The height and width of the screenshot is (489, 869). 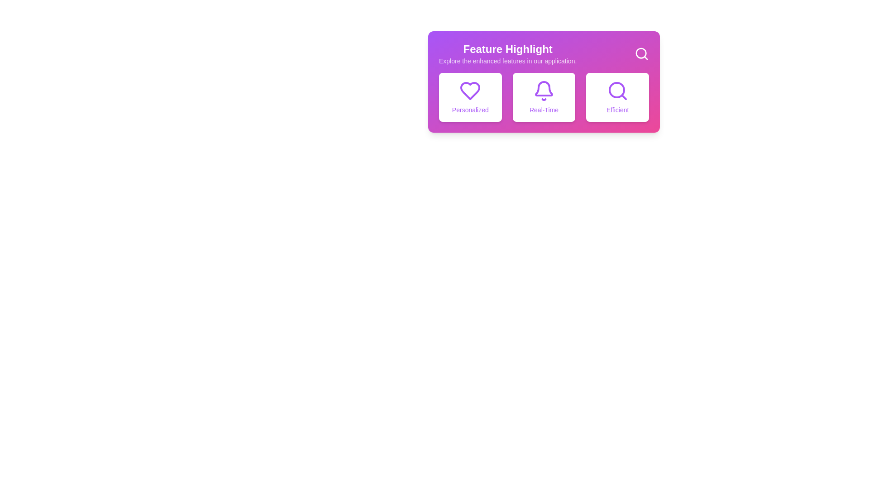 I want to click on the text element stating 'Explore the enhanced features in our application,' which is located below the title 'Feature Highlight' within a gradient purple background, so click(x=508, y=61).